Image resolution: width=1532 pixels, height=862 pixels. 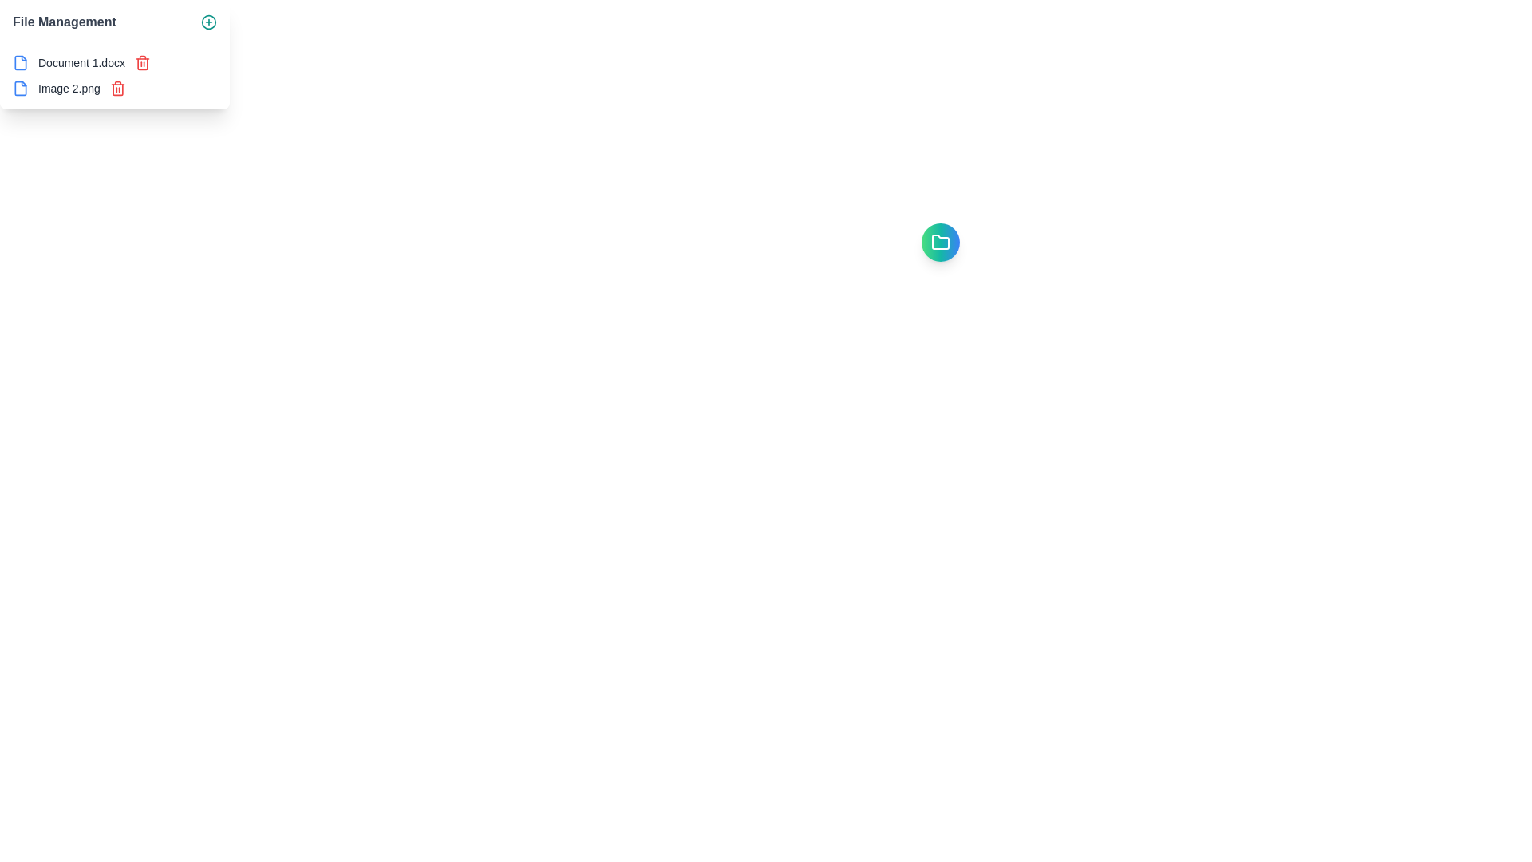 I want to click on the circular button with a gradient background and a white outlined folder icon, so click(x=941, y=243).